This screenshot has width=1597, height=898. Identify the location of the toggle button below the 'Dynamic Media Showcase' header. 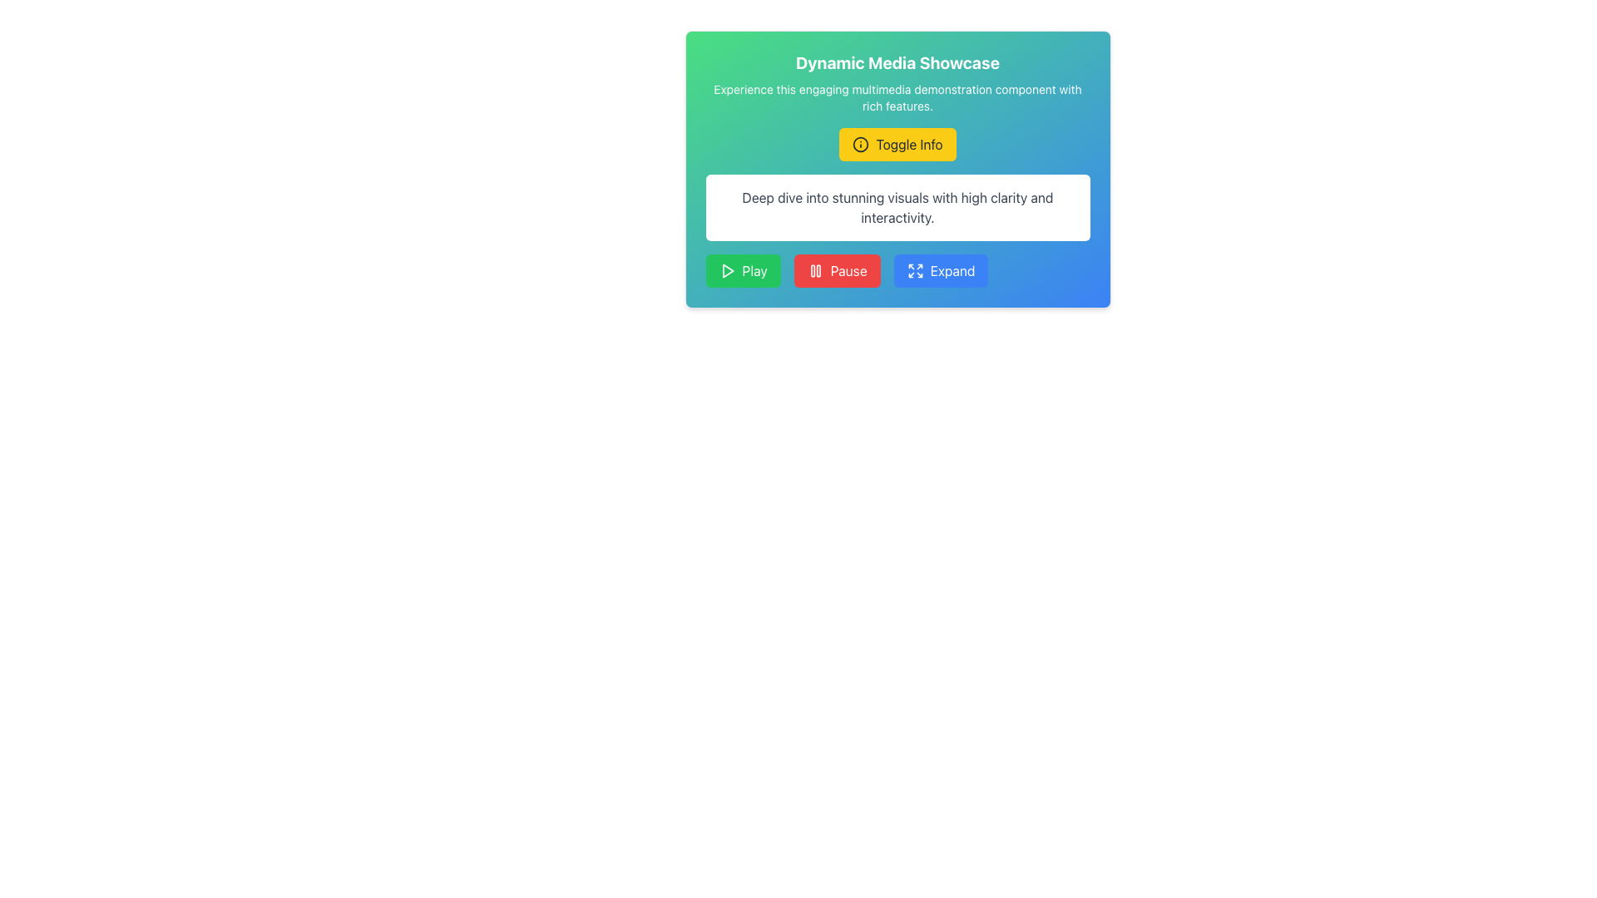
(897, 143).